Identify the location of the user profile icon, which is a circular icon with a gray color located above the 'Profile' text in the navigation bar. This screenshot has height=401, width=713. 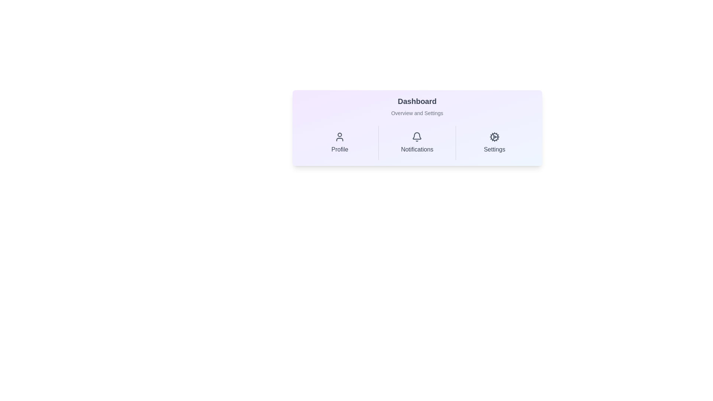
(339, 137).